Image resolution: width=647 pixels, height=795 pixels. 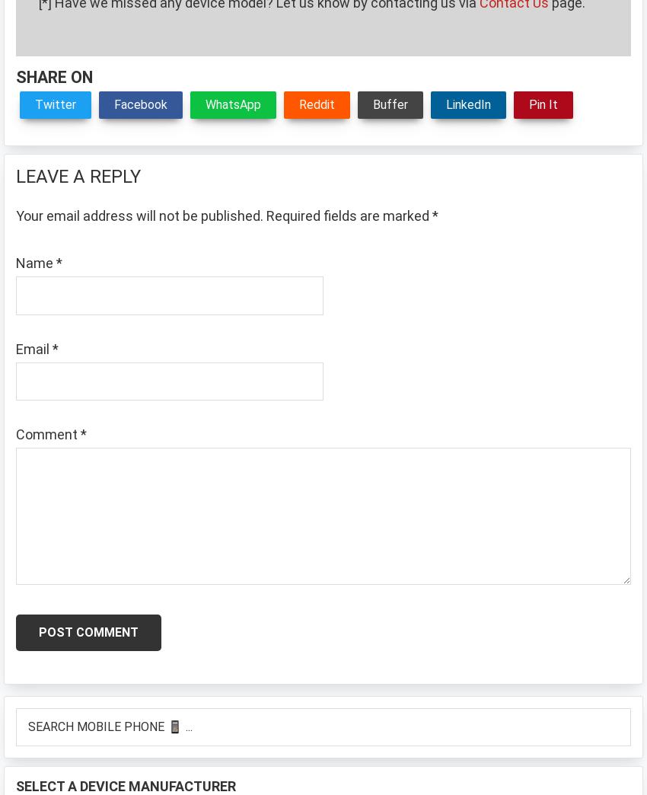 What do you see at coordinates (139, 214) in the screenshot?
I see `'Your email address will not be published.'` at bounding box center [139, 214].